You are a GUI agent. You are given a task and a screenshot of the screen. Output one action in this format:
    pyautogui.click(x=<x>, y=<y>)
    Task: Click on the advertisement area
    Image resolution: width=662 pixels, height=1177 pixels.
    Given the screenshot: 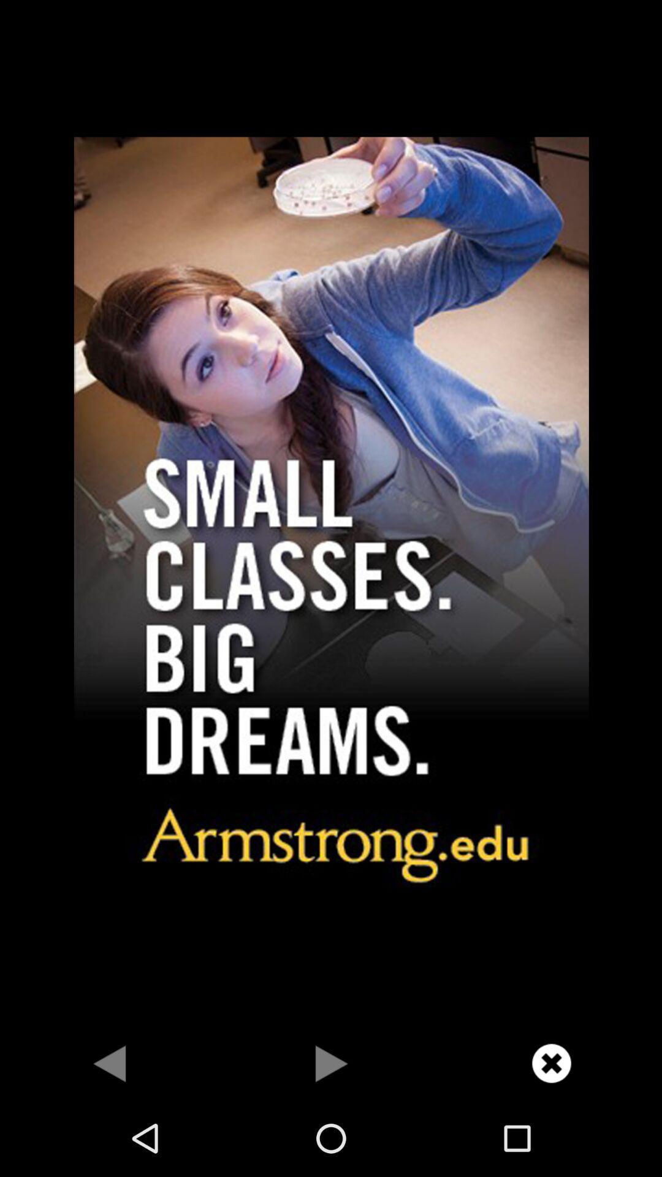 What is the action you would take?
    pyautogui.click(x=331, y=513)
    